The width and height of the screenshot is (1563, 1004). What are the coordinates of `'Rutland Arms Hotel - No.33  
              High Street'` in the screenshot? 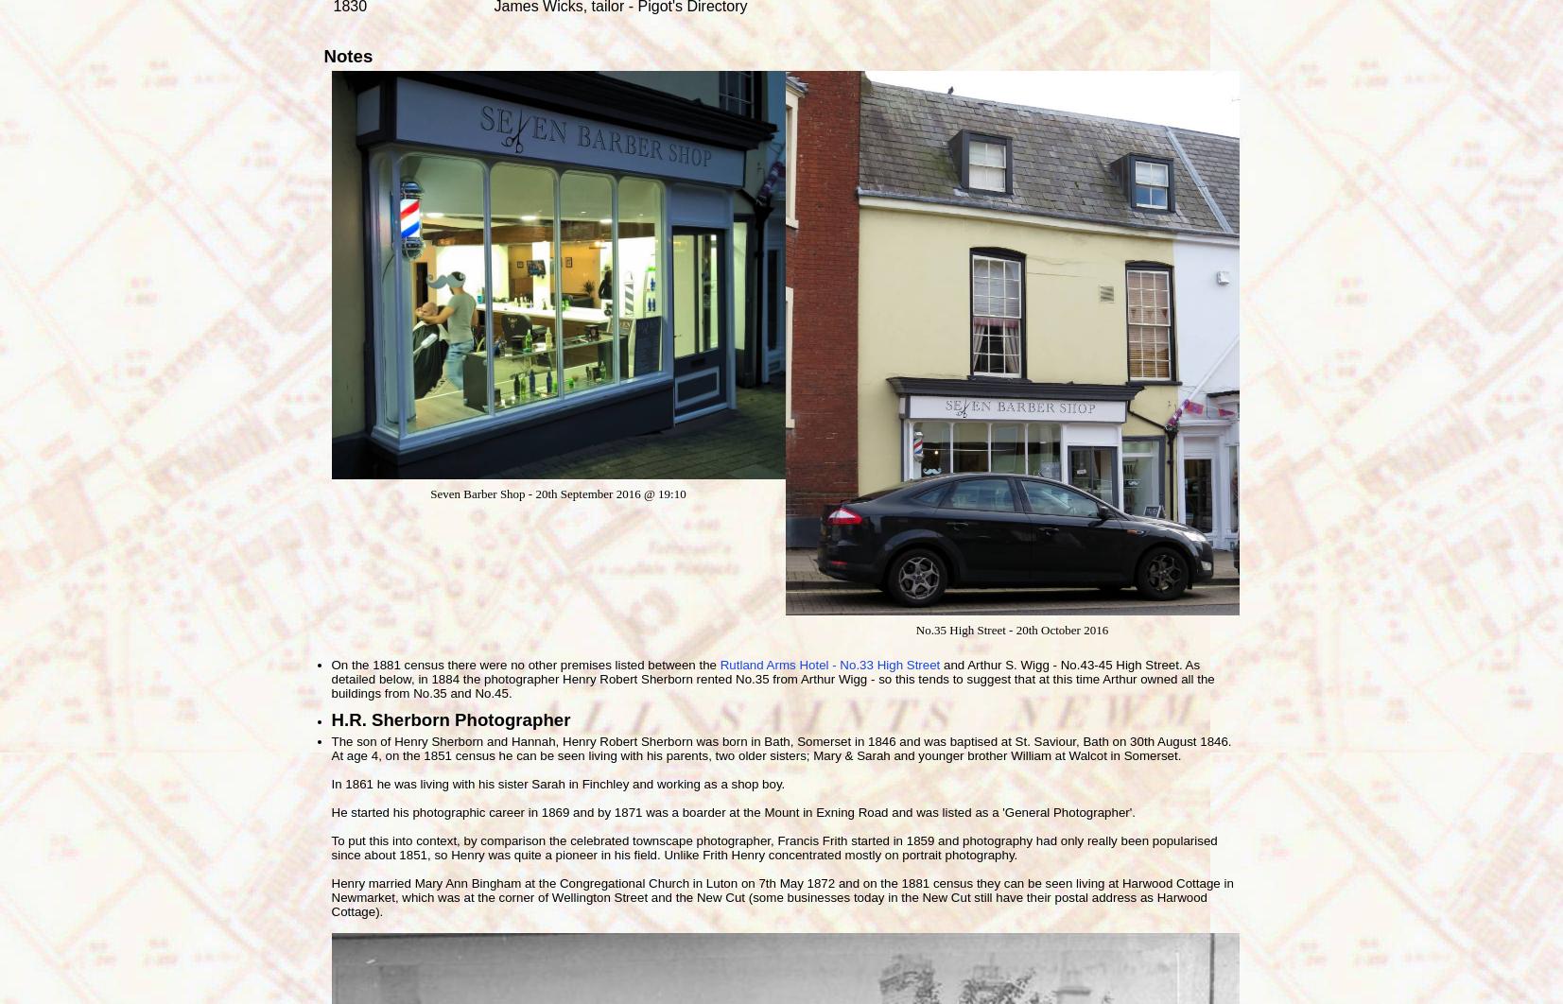 It's located at (829, 665).